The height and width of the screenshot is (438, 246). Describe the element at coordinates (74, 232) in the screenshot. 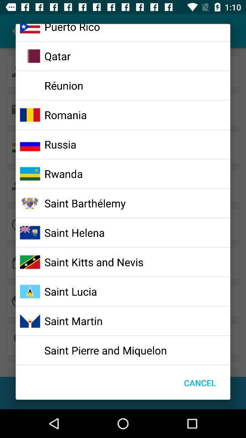

I see `the saint helena` at that location.